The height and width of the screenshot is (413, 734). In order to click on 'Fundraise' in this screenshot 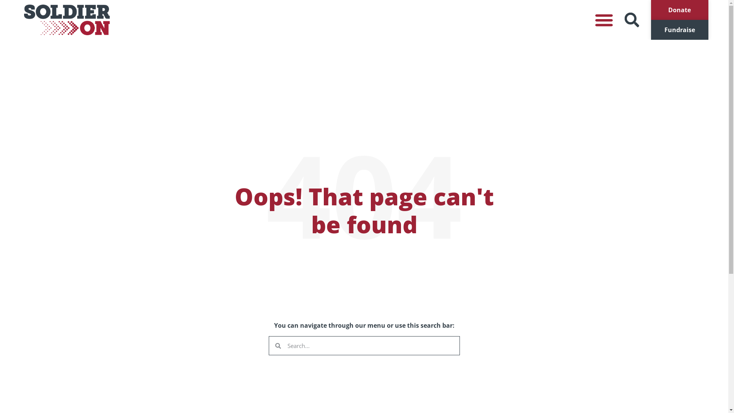, I will do `click(679, 29)`.